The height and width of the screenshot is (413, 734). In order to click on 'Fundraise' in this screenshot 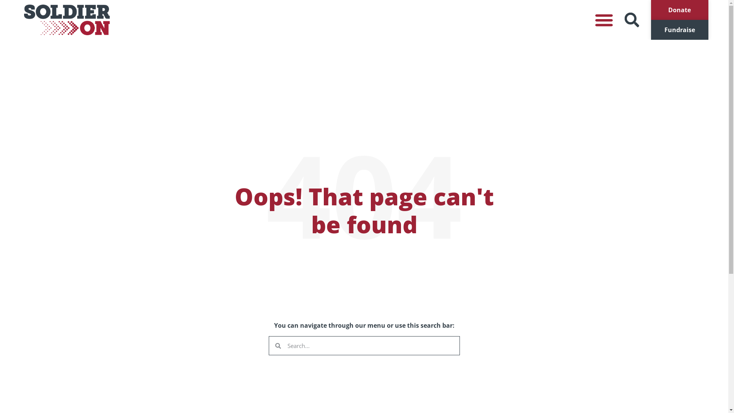, I will do `click(679, 29)`.